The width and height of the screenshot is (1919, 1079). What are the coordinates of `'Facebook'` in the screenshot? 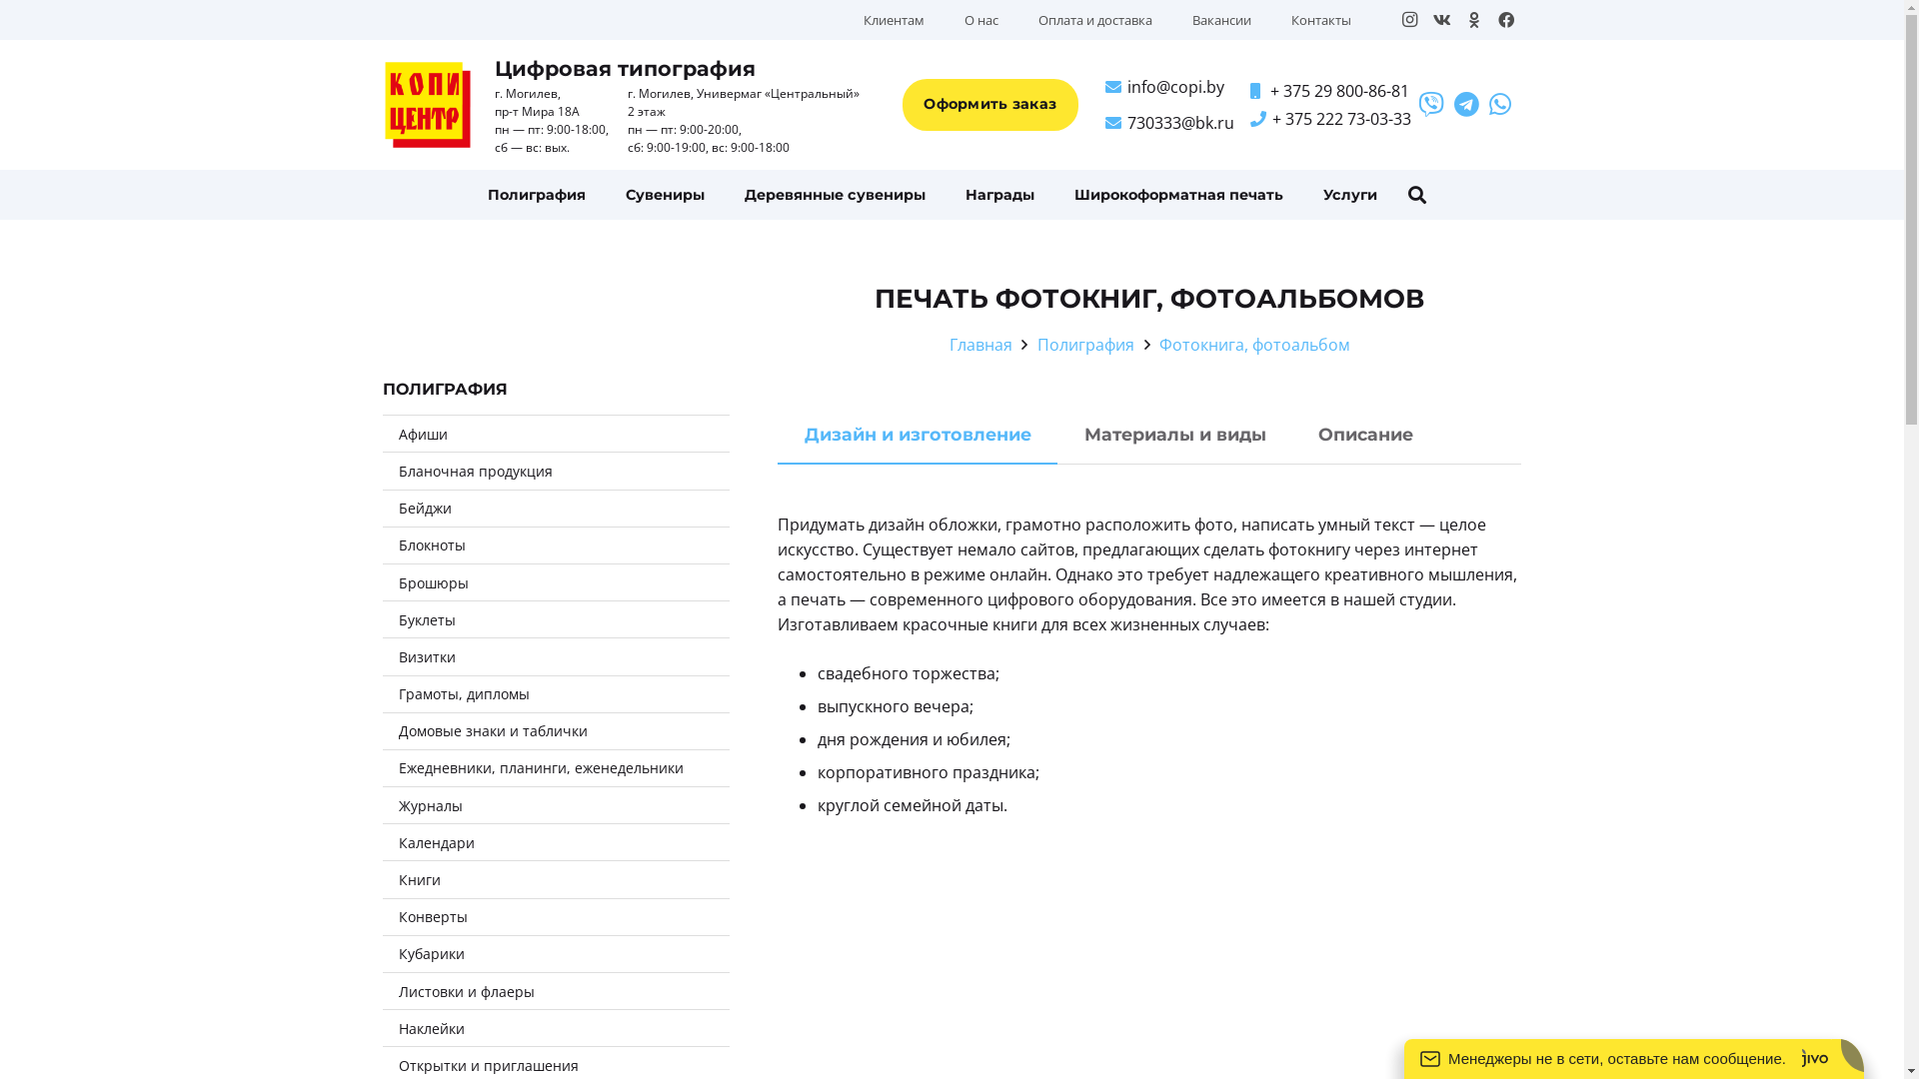 It's located at (1505, 19).